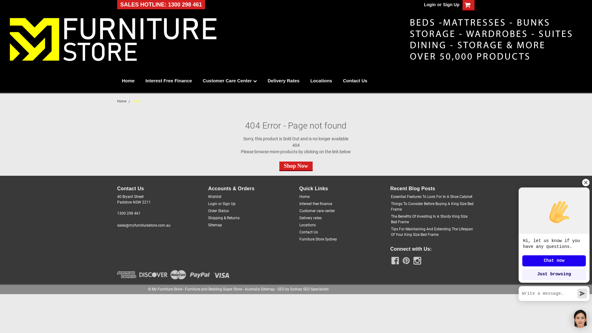  Describe the element at coordinates (431, 196) in the screenshot. I see `'Essential Features To Look For In A Shoe Cabinet'` at that location.